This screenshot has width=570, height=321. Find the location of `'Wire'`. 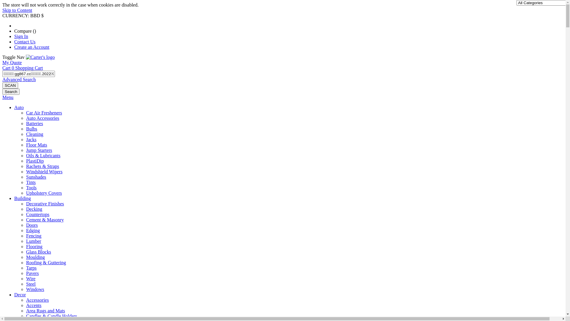

'Wire' is located at coordinates (30, 278).